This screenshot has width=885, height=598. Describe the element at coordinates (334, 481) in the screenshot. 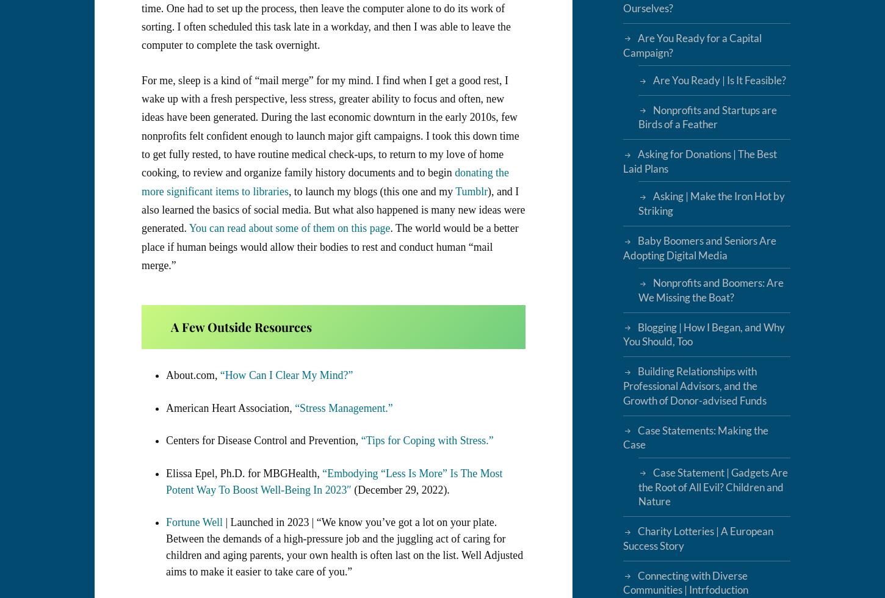

I see `'“Embodying “Less Is More” Is The Most Potent Way To Boost Well-Being In 2023″'` at that location.